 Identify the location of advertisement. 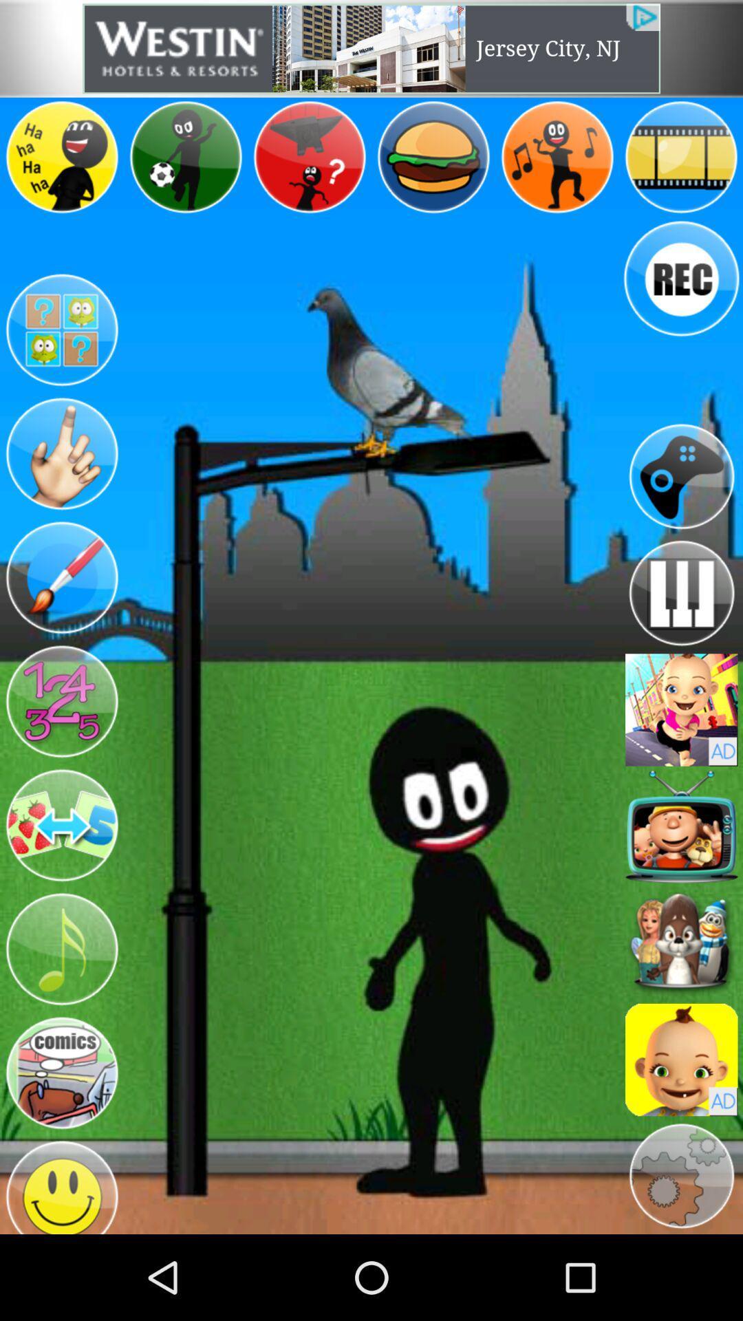
(371, 48).